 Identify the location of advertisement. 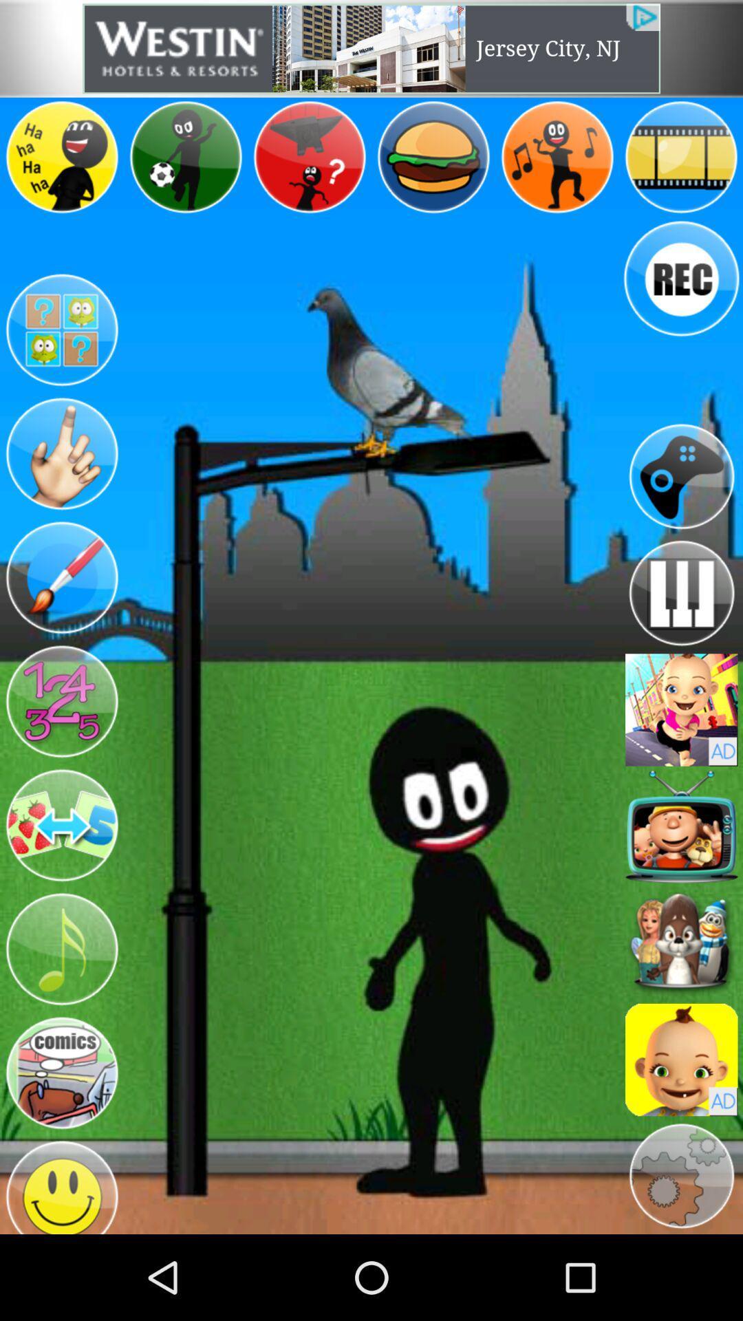
(371, 48).